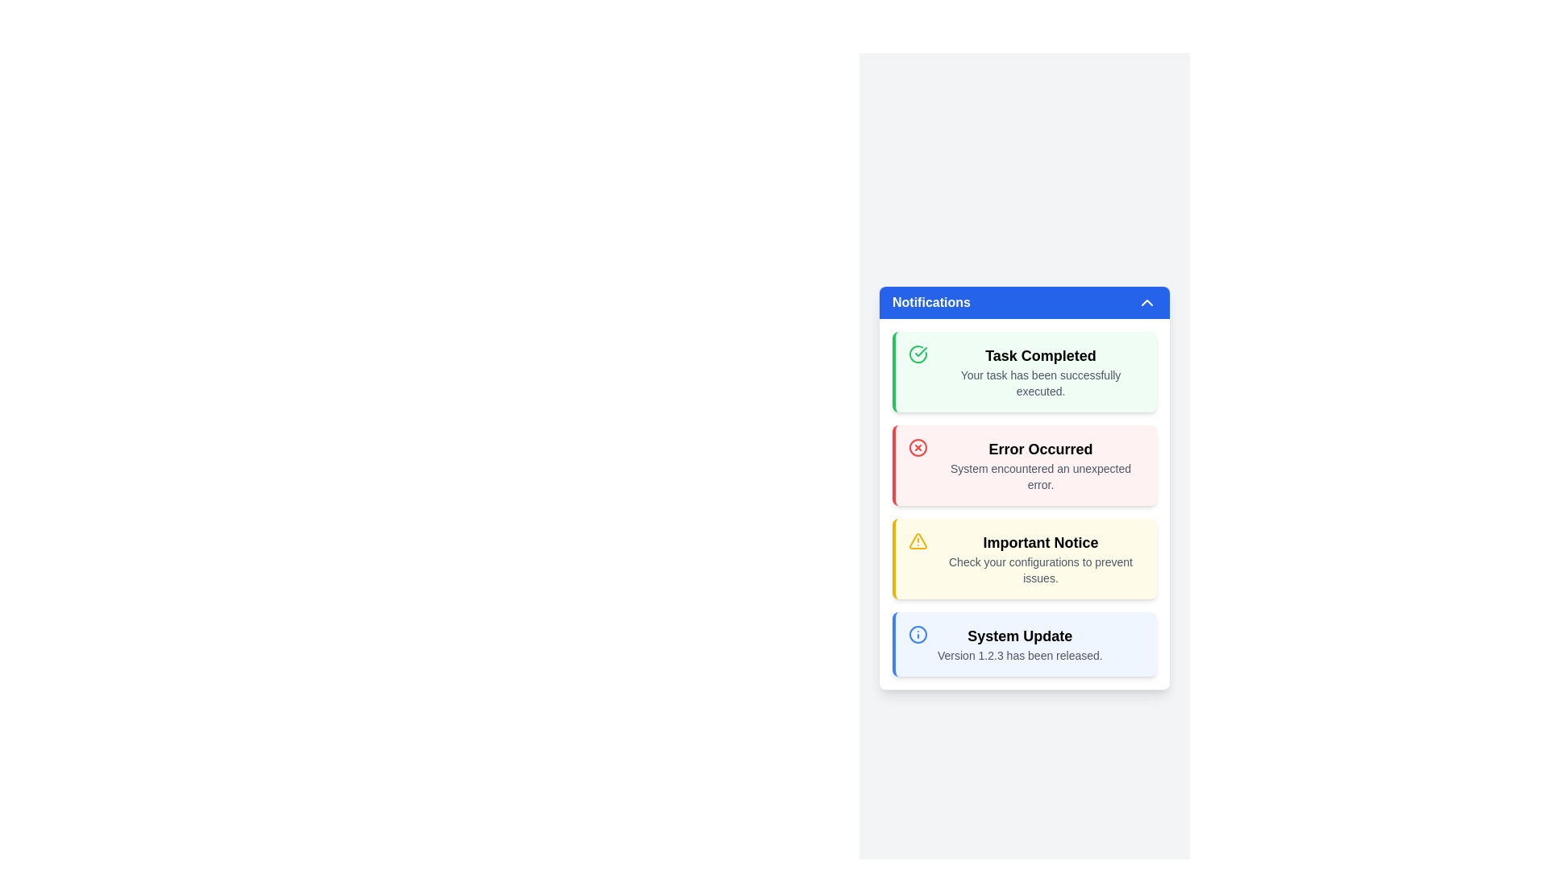 This screenshot has height=870, width=1548. I want to click on the Label element located in the top-left part of the header section with a blue background, which serves as the title for the section, so click(931, 302).